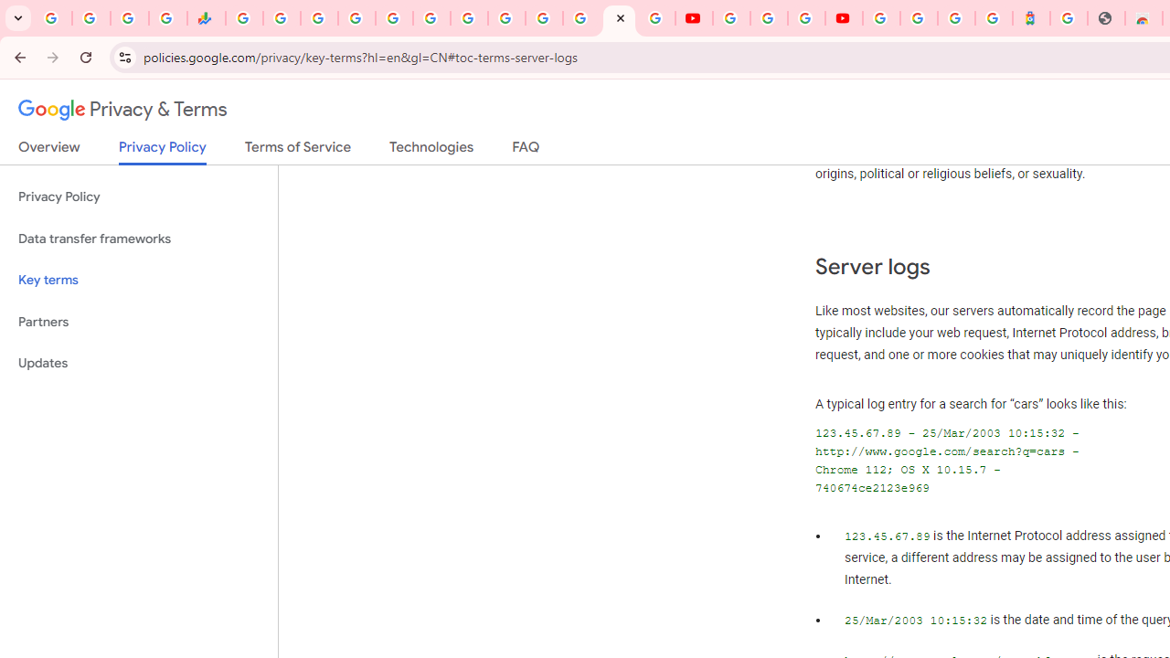 This screenshot has height=658, width=1170. What do you see at coordinates (881, 18) in the screenshot?
I see `'Sign in - Google Accounts'` at bounding box center [881, 18].